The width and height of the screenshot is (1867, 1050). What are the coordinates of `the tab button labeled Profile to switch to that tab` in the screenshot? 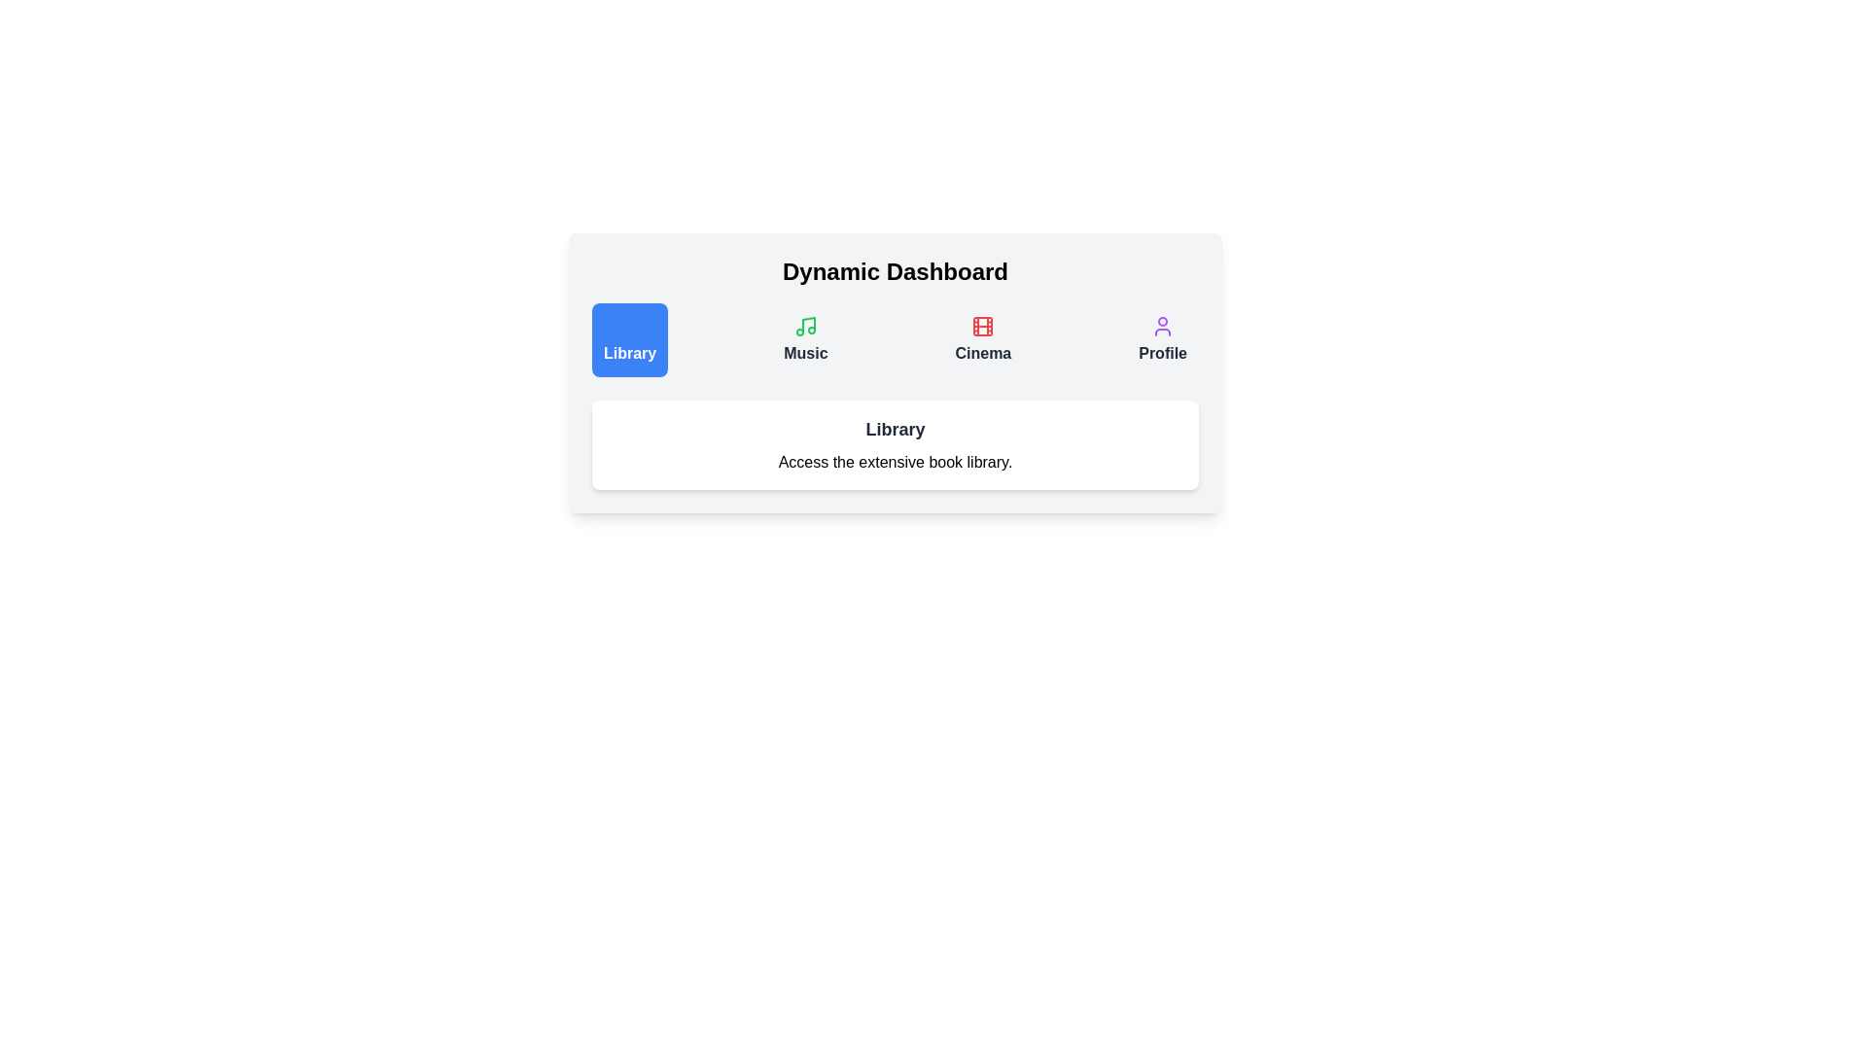 It's located at (1162, 339).